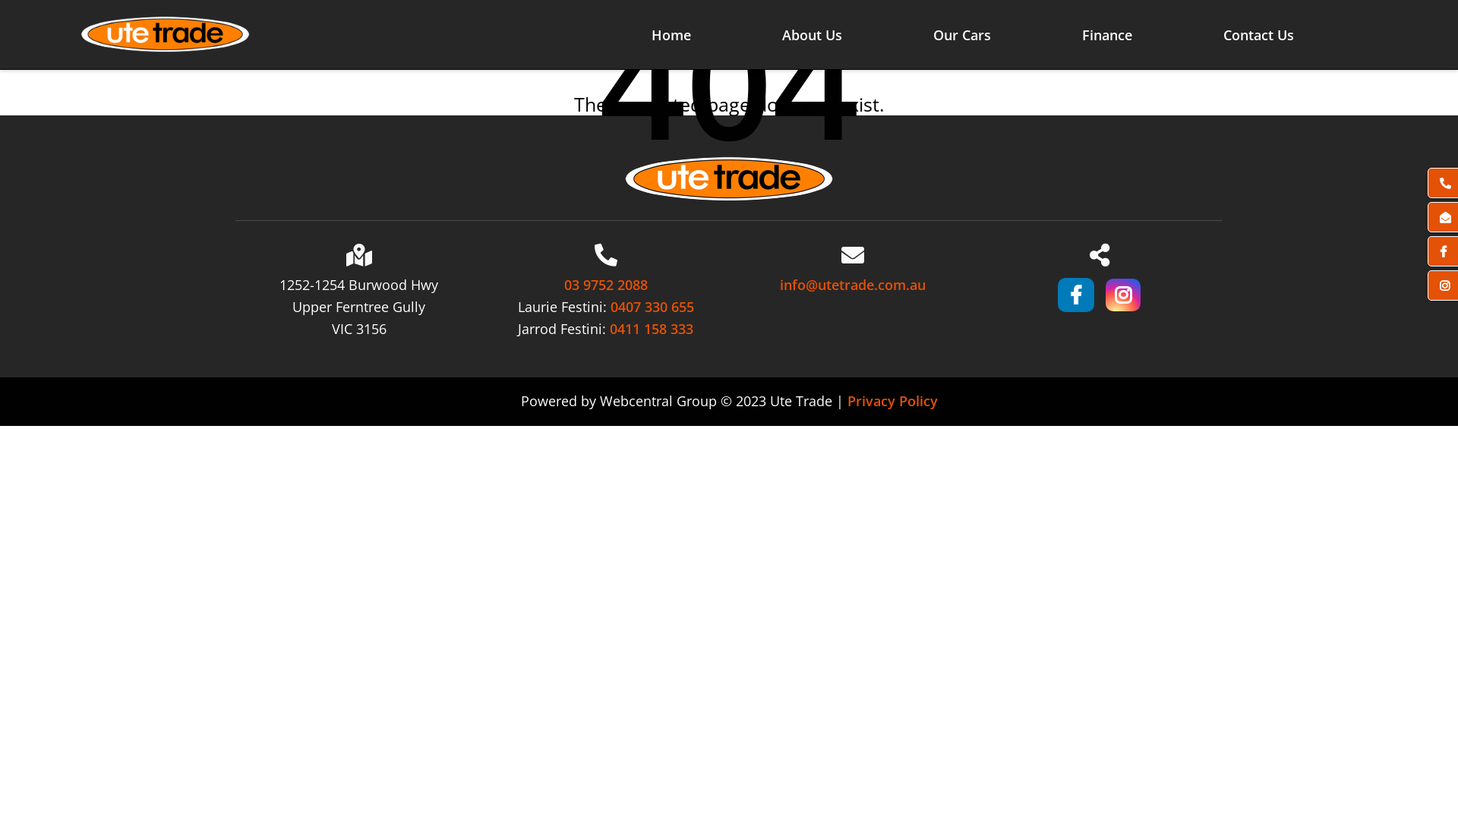 The image size is (1458, 820). Describe the element at coordinates (1098, 254) in the screenshot. I see `'Share'` at that location.